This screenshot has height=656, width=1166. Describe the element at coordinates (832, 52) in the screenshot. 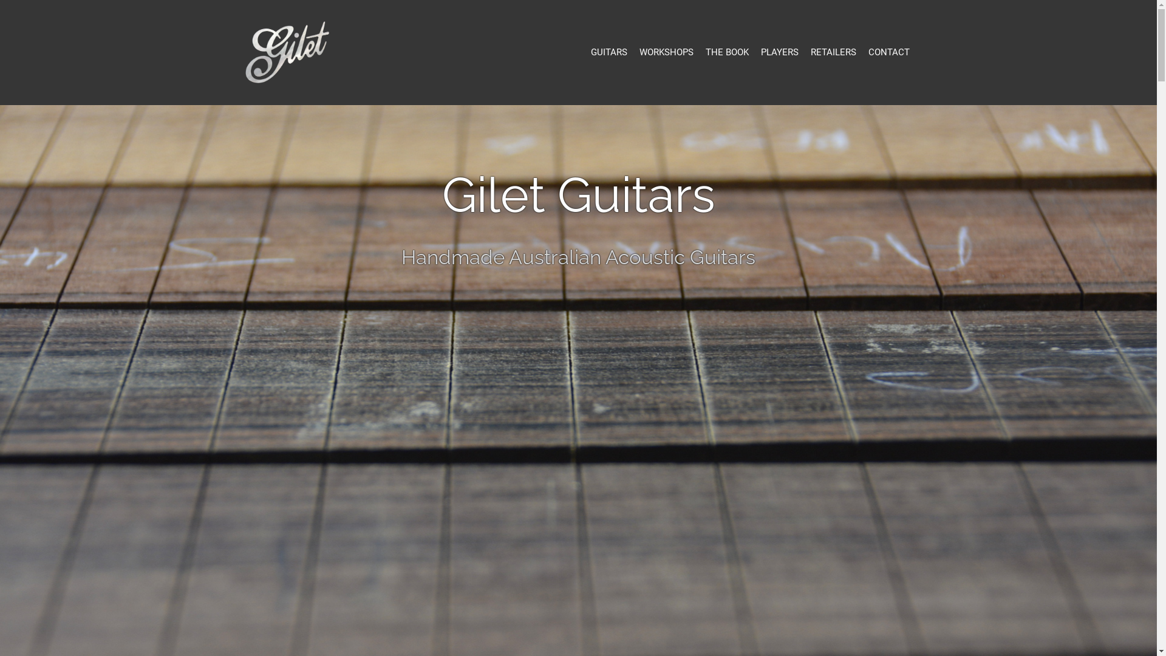

I see `'RETAILERS'` at that location.